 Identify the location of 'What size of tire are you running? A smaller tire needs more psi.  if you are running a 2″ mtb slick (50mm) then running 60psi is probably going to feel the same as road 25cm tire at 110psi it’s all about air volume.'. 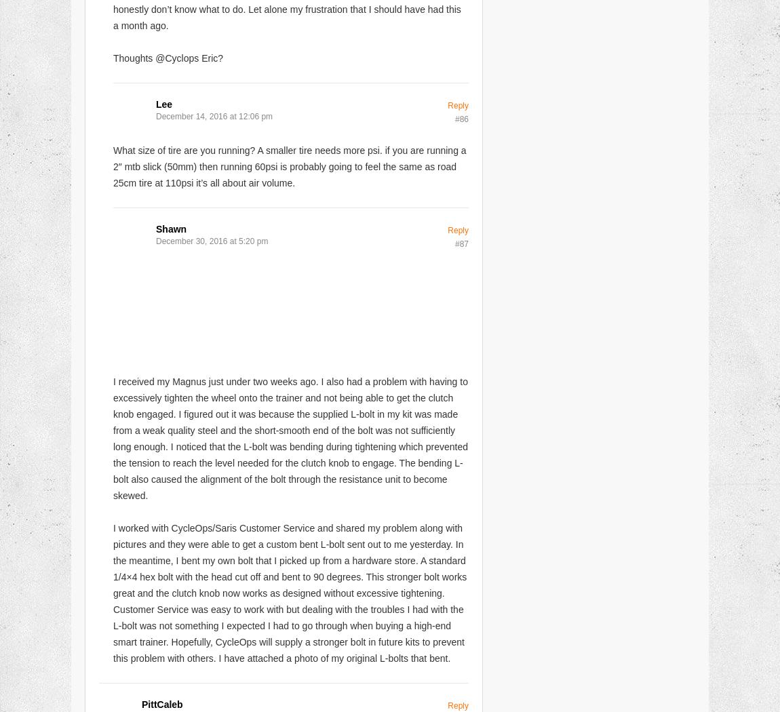
(289, 165).